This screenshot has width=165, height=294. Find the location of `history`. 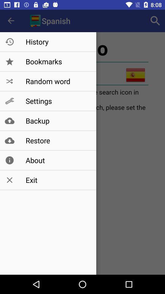

history is located at coordinates (58, 41).